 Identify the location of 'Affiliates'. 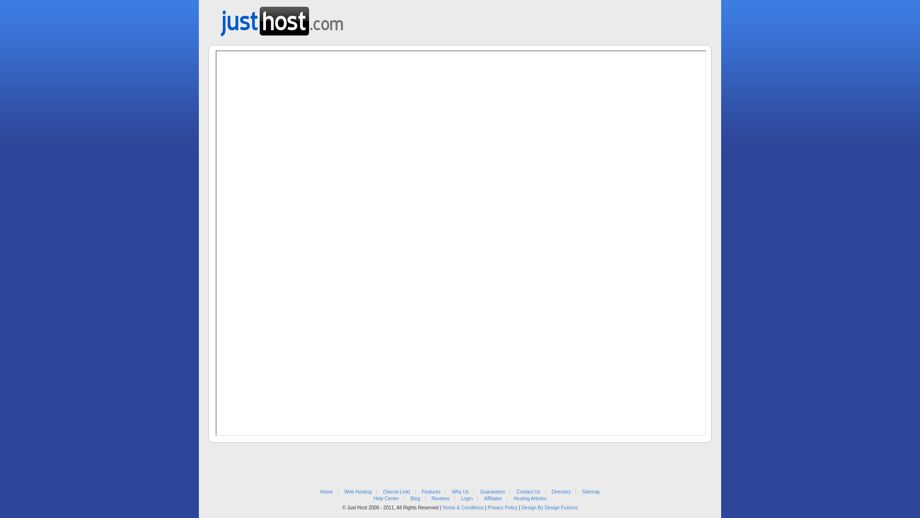
(493, 498).